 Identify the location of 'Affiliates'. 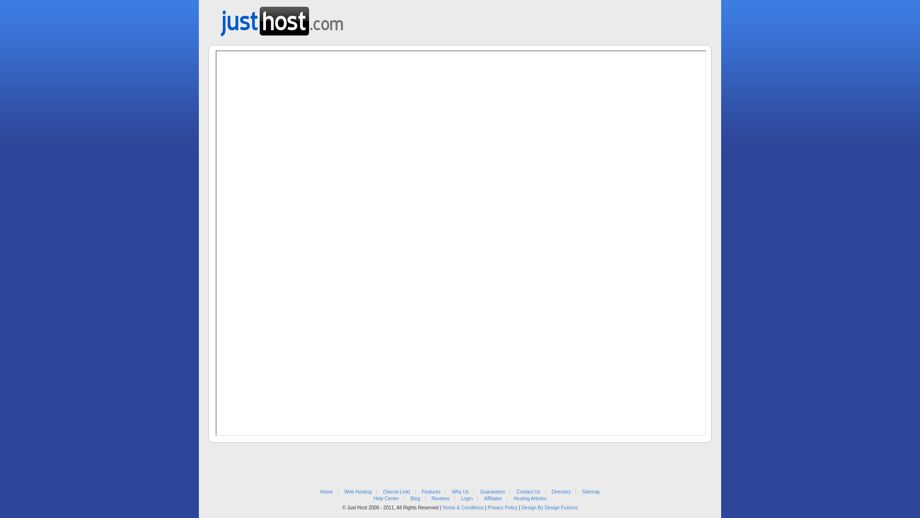
(493, 498).